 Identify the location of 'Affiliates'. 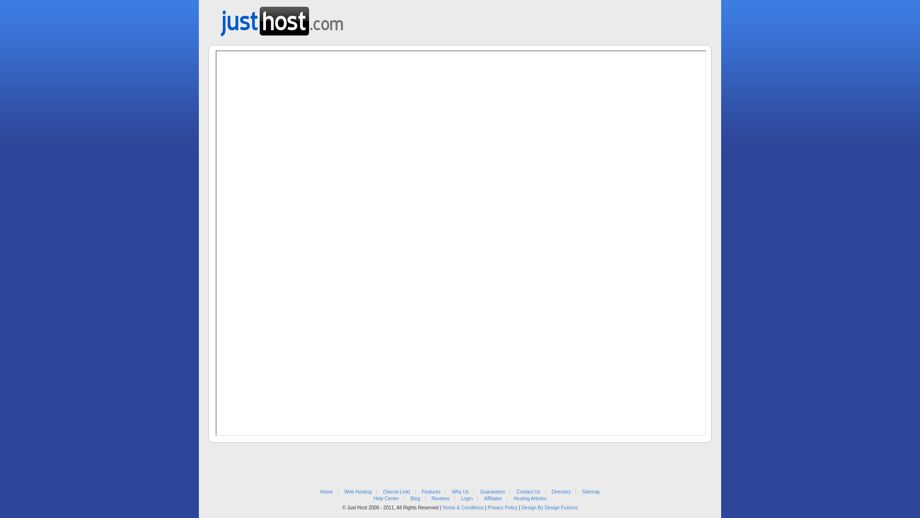
(493, 498).